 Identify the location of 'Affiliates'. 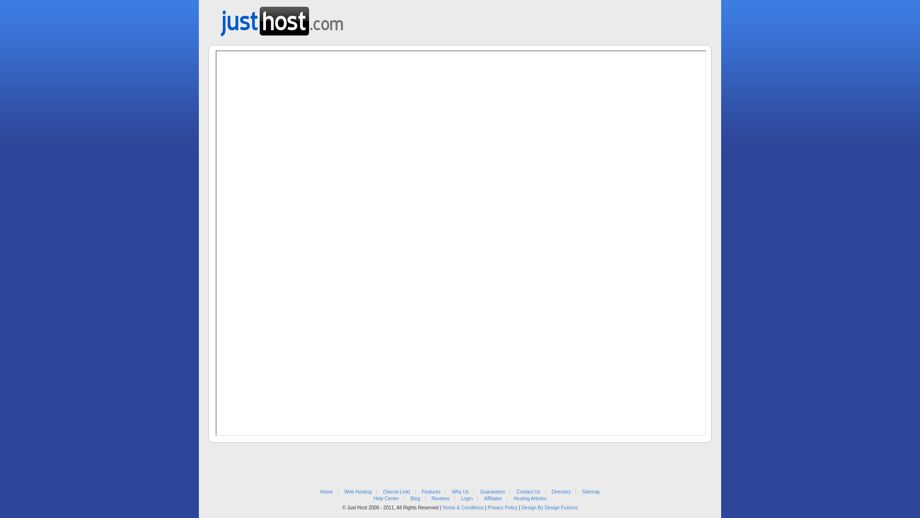
(493, 498).